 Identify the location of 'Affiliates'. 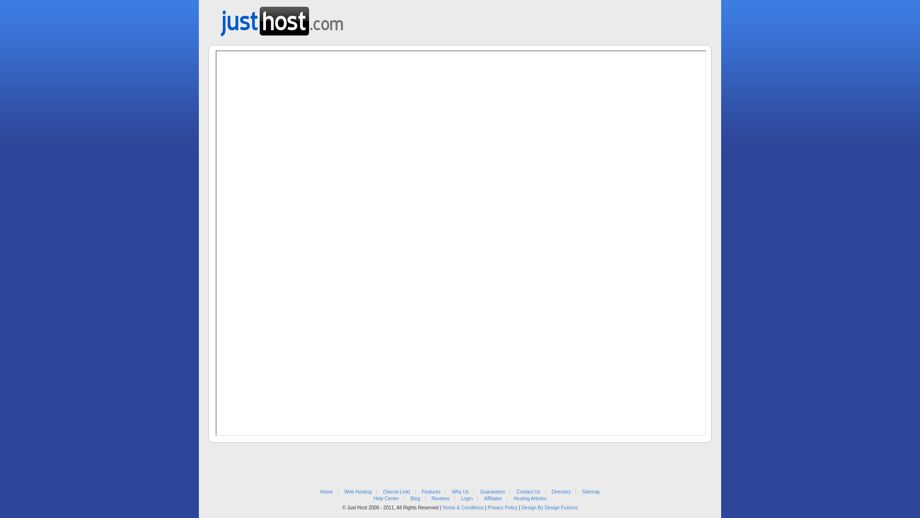
(493, 498).